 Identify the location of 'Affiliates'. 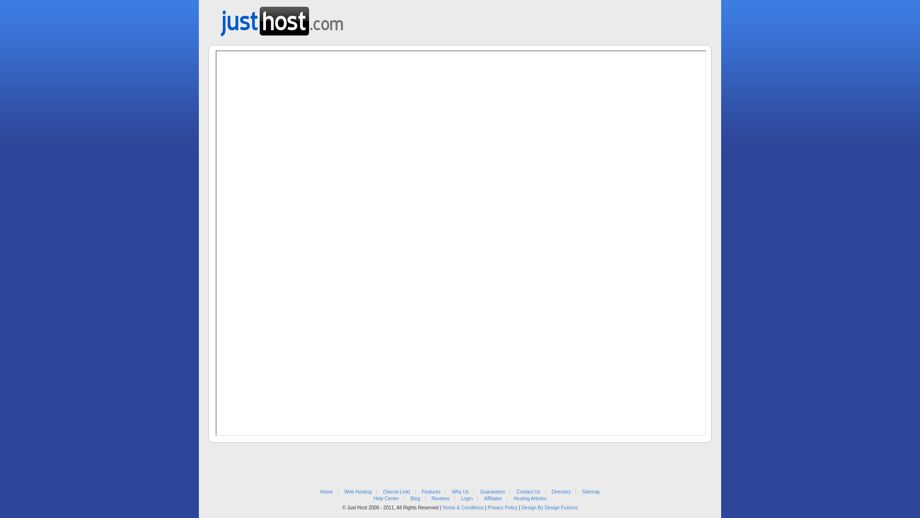
(493, 498).